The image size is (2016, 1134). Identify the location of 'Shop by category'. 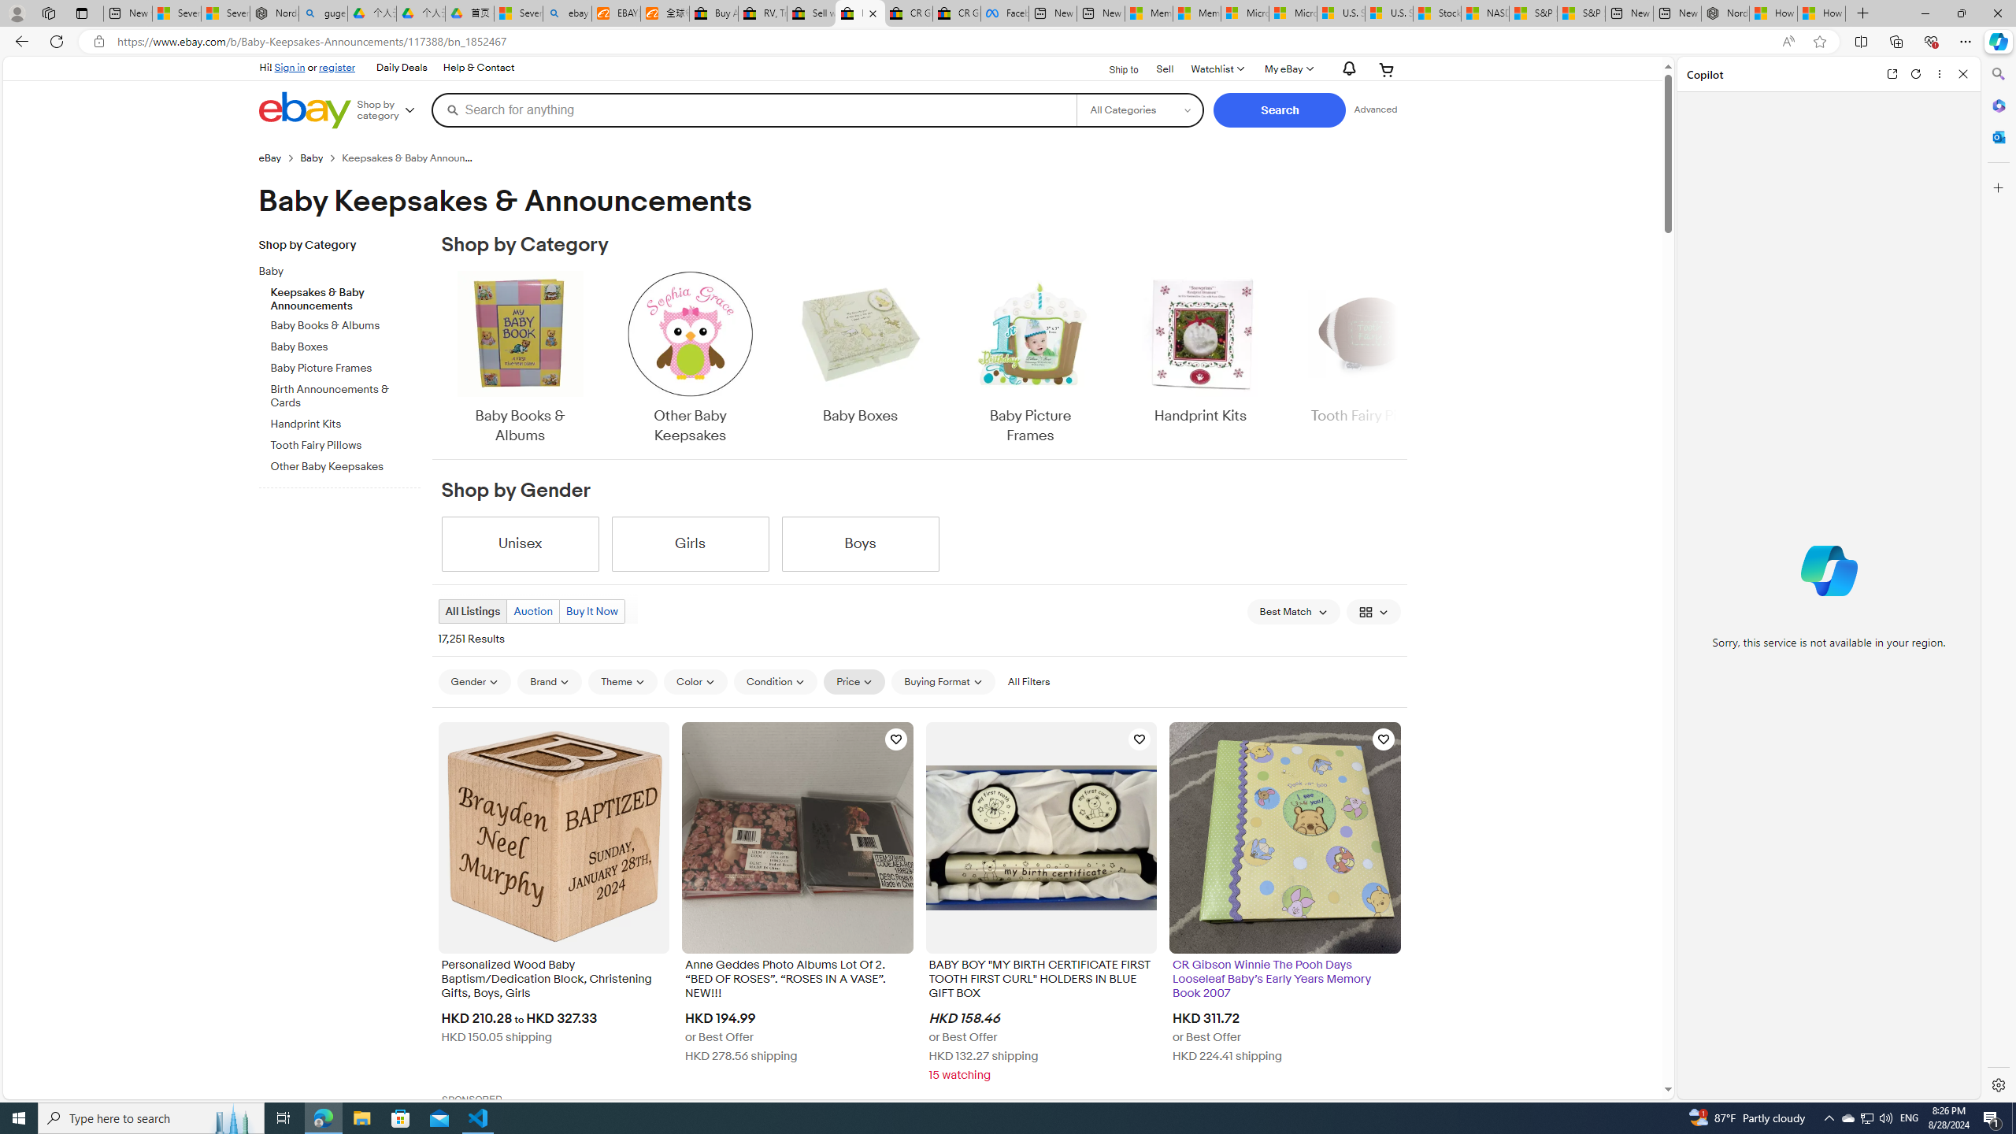
(391, 109).